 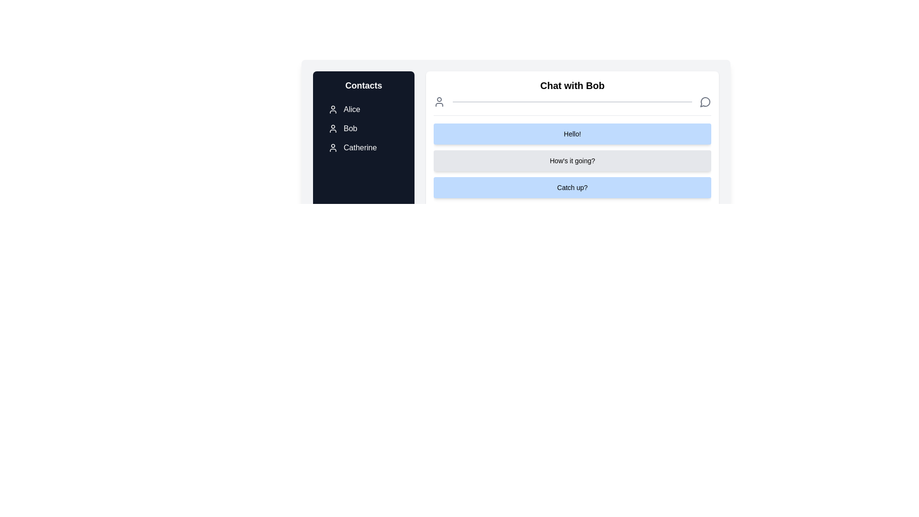 What do you see at coordinates (572, 188) in the screenshot?
I see `the light blue chat message bubble containing the text 'Catch up?' in the chat interface titled 'Chat with Bob'` at bounding box center [572, 188].